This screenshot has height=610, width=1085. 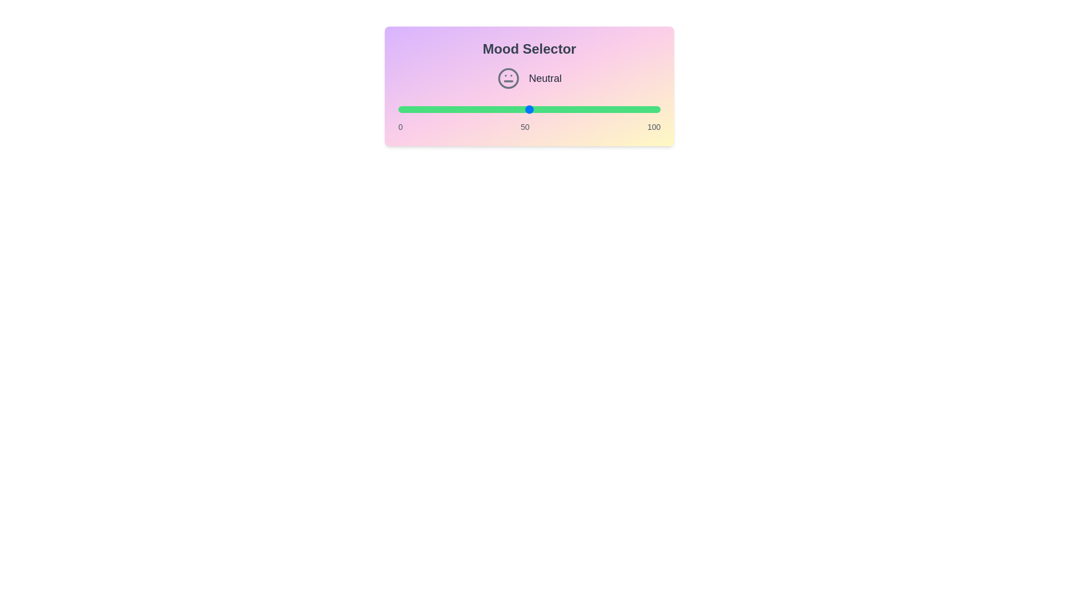 What do you see at coordinates (563, 109) in the screenshot?
I see `the slider to set the mood value to 63` at bounding box center [563, 109].